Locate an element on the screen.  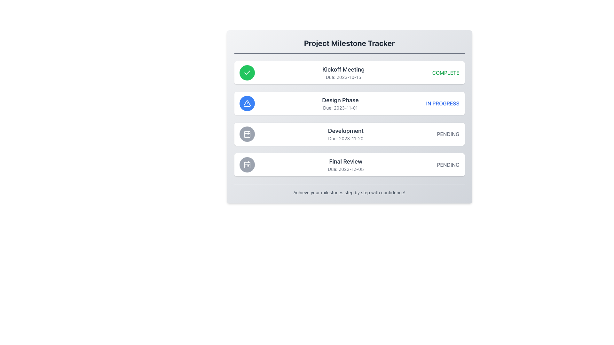
the circular blue alert button with a white outlined triangle and exclamation mark is located at coordinates (247, 103).